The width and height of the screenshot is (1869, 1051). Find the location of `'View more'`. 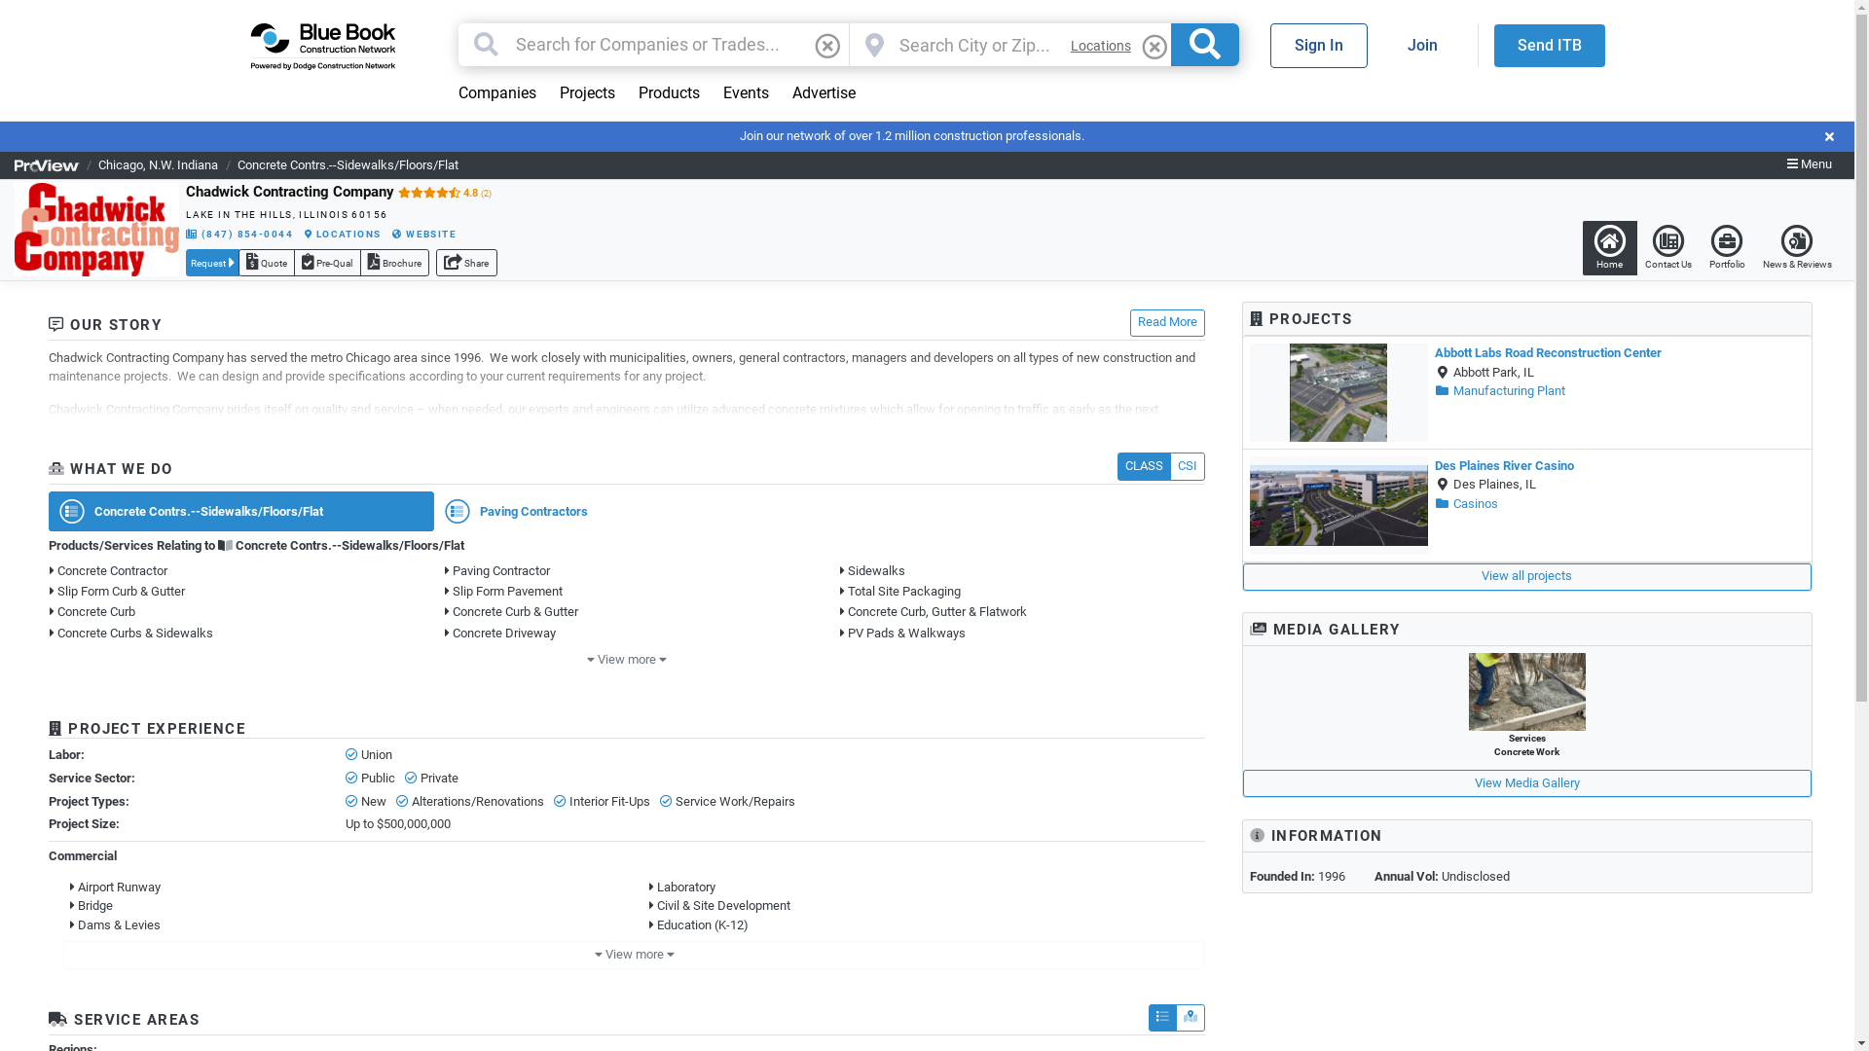

'View more' is located at coordinates (627, 659).